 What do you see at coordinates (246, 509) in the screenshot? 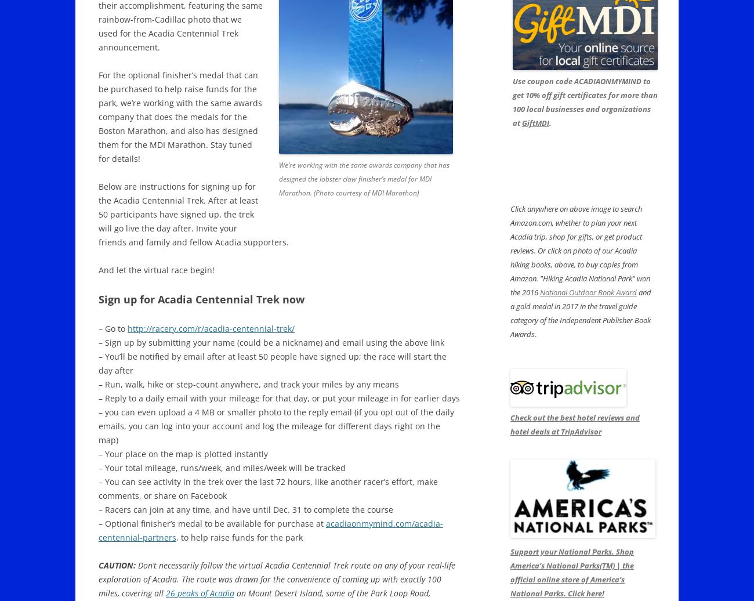
I see `'– Racers can join at any time, and have until Dec. 31 to complete the course'` at bounding box center [246, 509].